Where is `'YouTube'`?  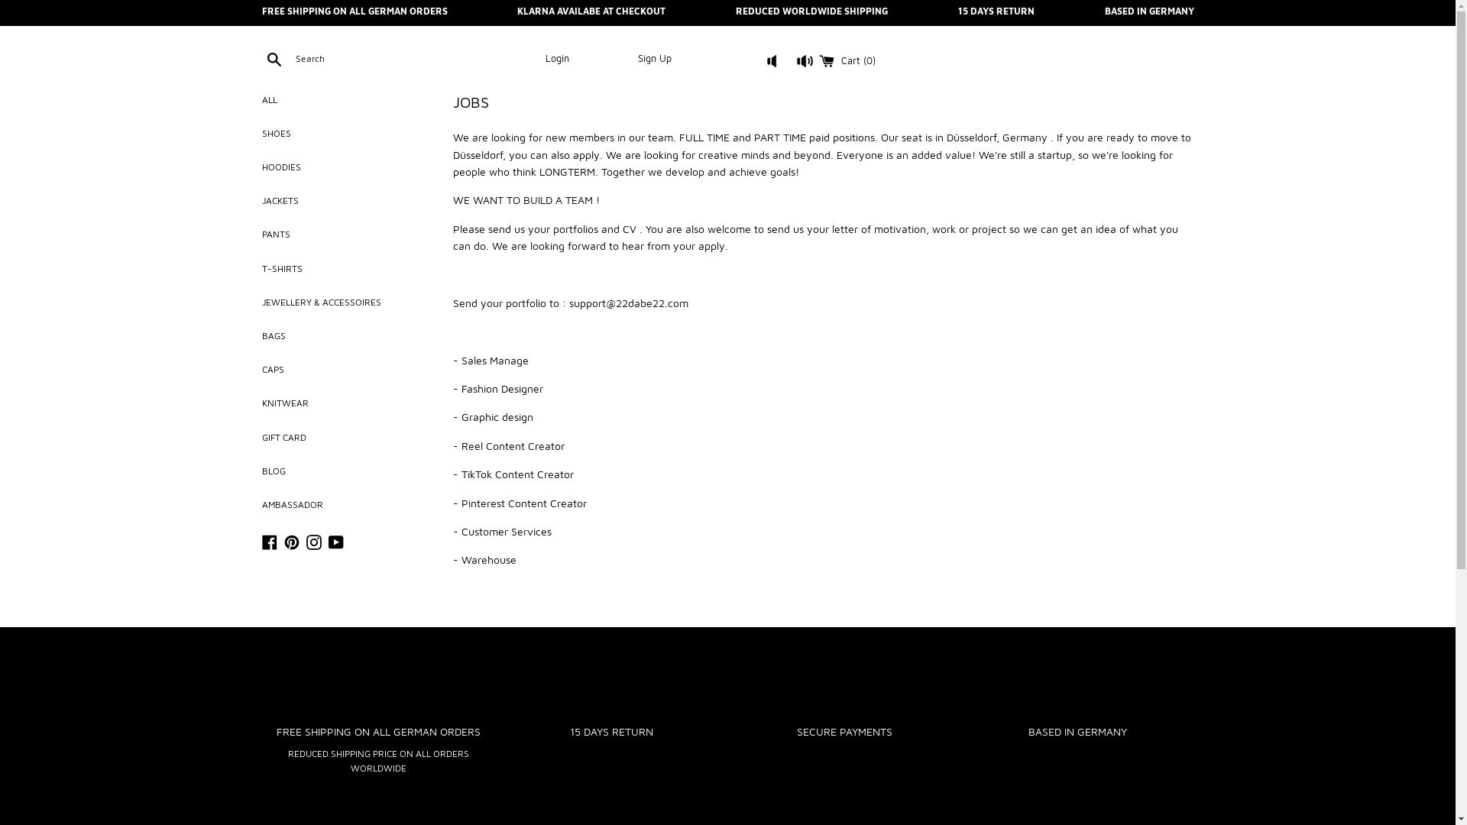
'YouTube' is located at coordinates (335, 539).